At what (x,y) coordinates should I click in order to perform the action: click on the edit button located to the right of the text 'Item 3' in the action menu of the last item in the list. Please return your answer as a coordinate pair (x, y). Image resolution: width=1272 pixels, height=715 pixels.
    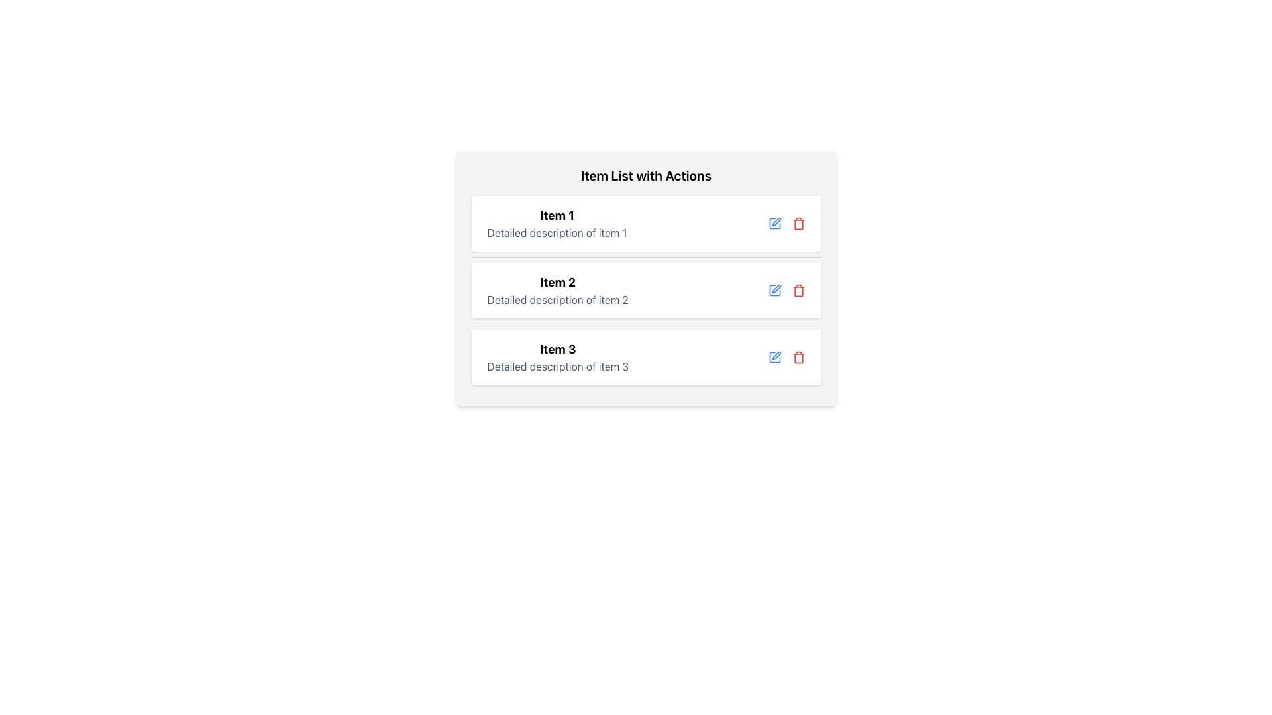
    Looking at the image, I should click on (774, 358).